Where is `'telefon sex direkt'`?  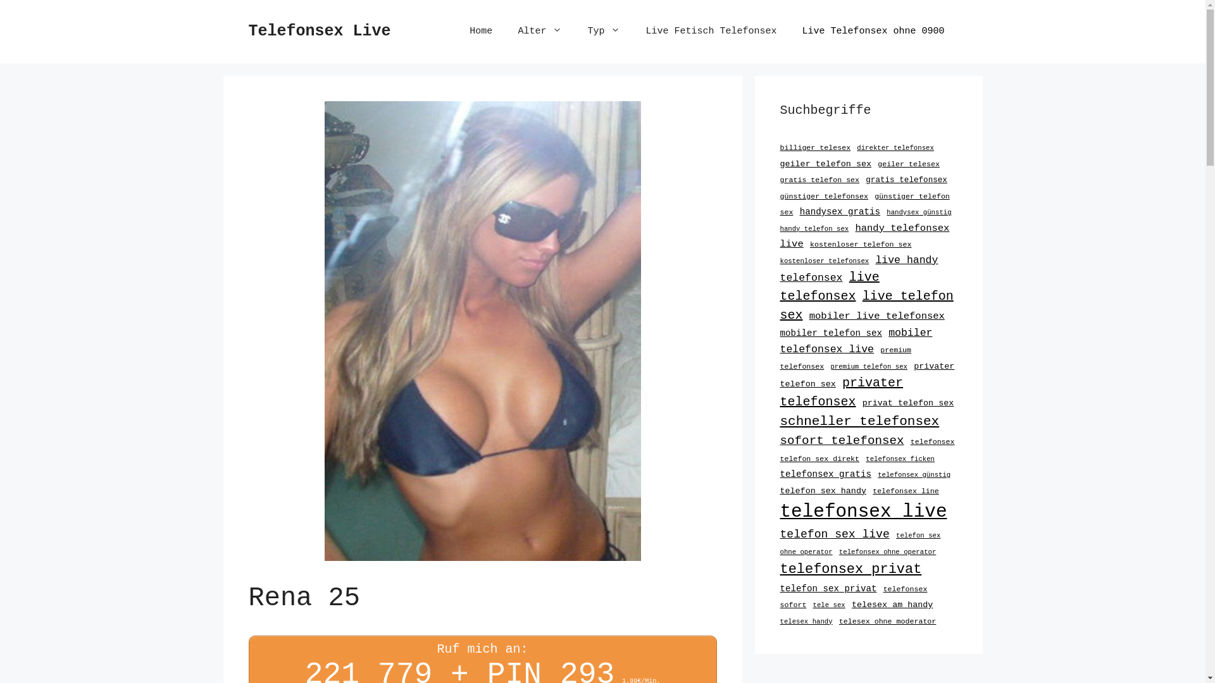
'telefon sex direkt' is located at coordinates (779, 458).